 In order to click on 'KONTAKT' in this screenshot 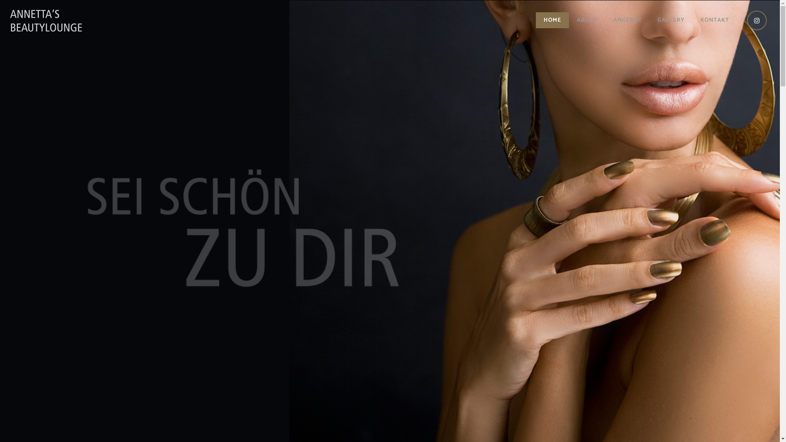, I will do `click(692, 20)`.